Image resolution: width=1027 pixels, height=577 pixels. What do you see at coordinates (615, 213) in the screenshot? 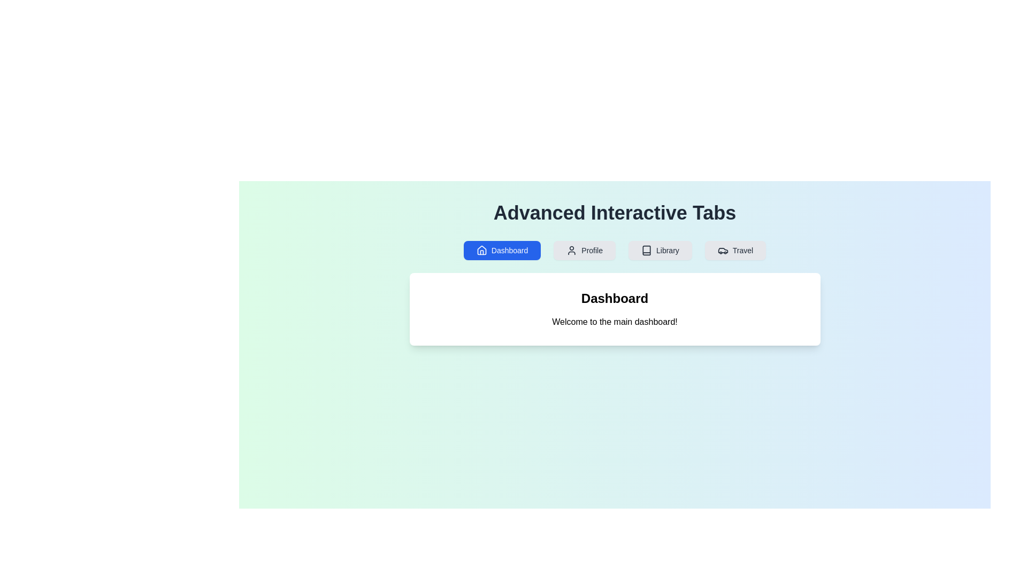
I see `text content of the bold title labeled 'Advanced Interactive Tabs' which is centrally aligned at the top of the content area` at bounding box center [615, 213].